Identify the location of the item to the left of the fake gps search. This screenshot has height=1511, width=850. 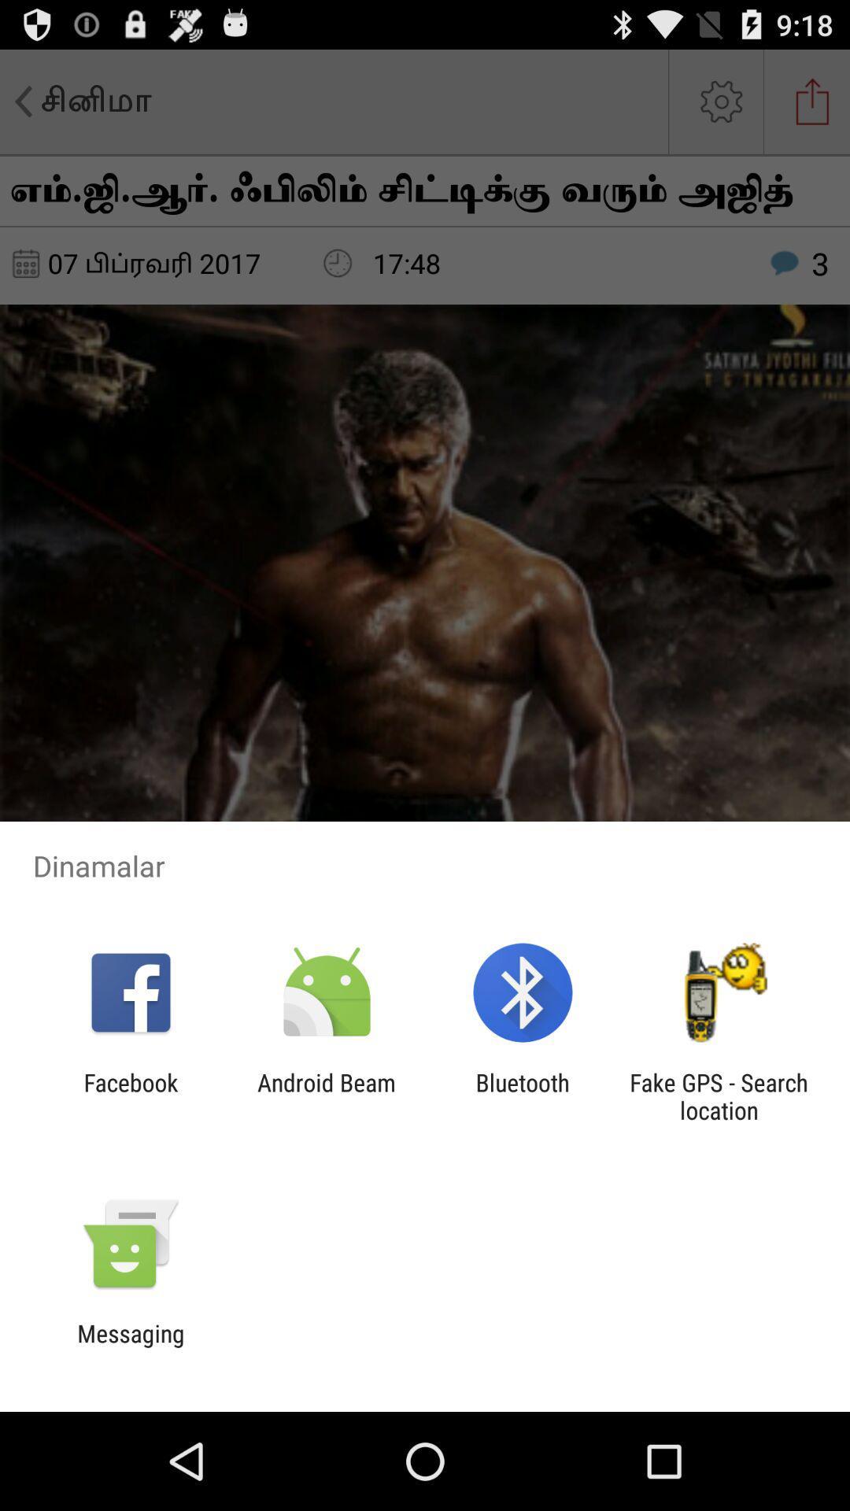
(523, 1095).